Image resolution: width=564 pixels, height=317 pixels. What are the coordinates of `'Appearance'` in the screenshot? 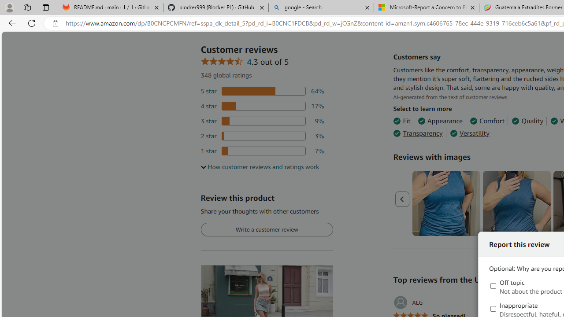 It's located at (440, 121).